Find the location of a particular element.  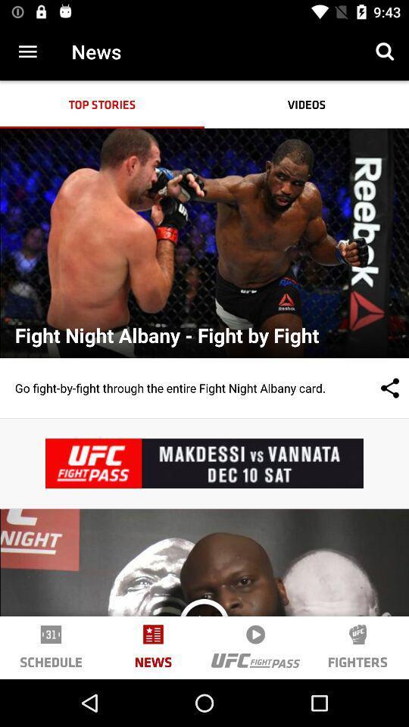

share icon is located at coordinates (374, 388).